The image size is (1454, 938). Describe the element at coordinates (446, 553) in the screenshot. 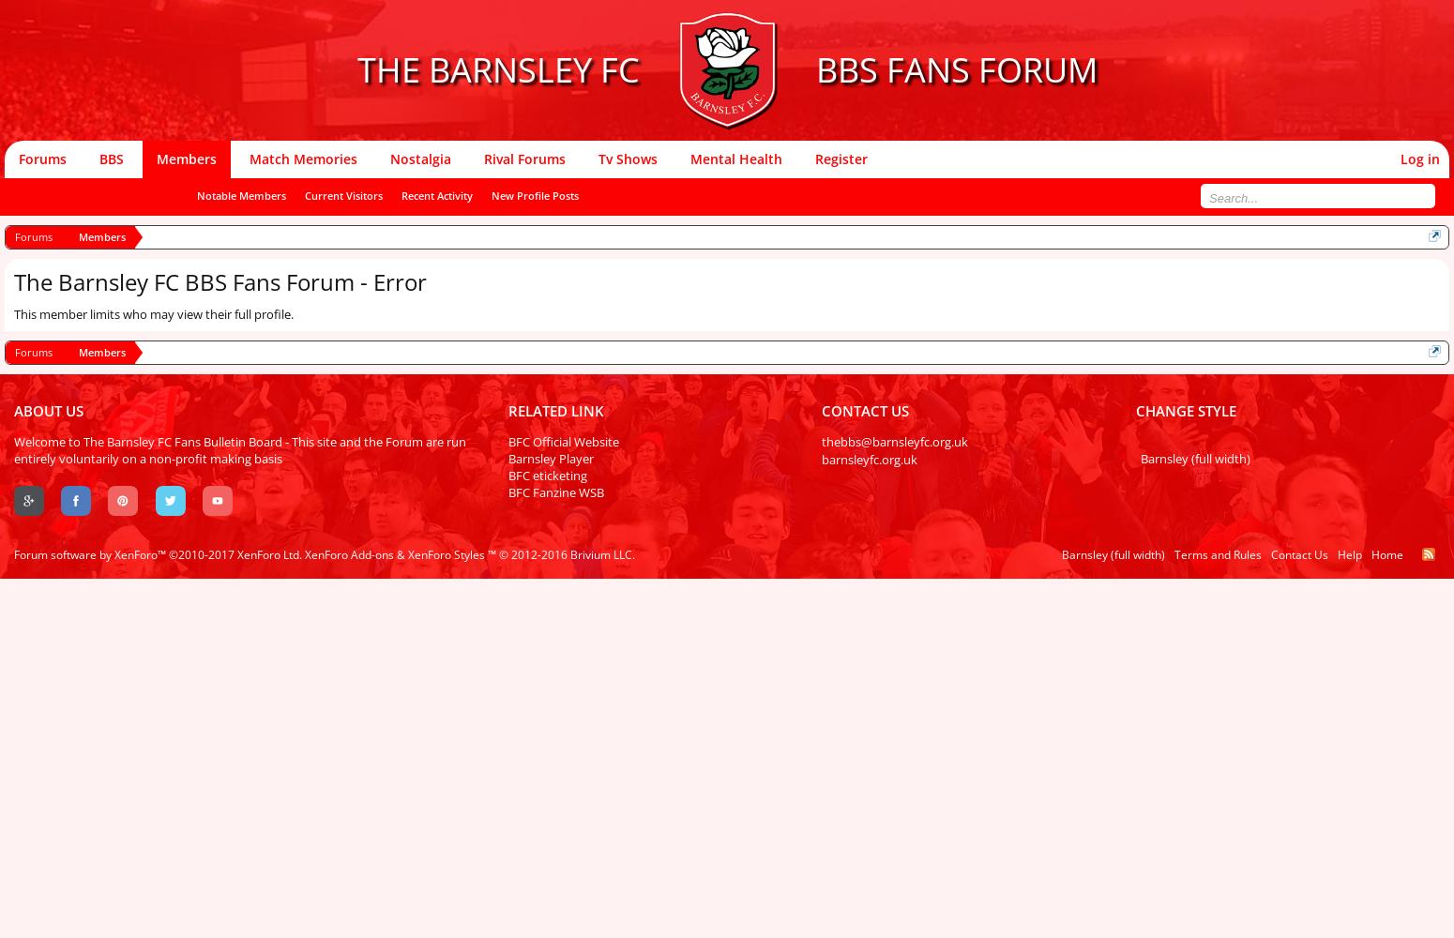

I see `'XenForo Styles'` at that location.